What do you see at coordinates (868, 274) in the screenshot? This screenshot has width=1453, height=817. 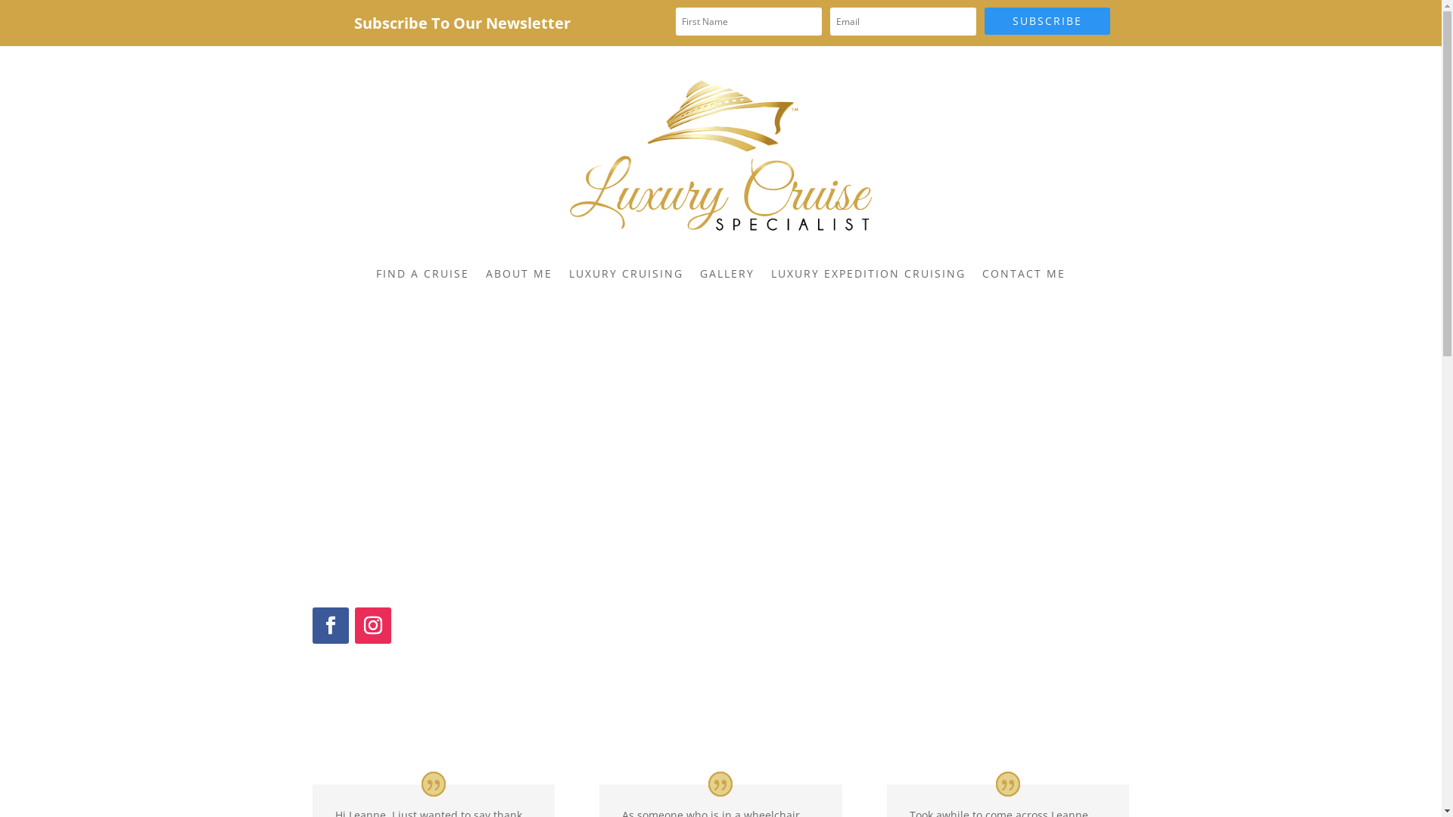 I see `'LUXURY EXPEDITION CRUISING'` at bounding box center [868, 274].